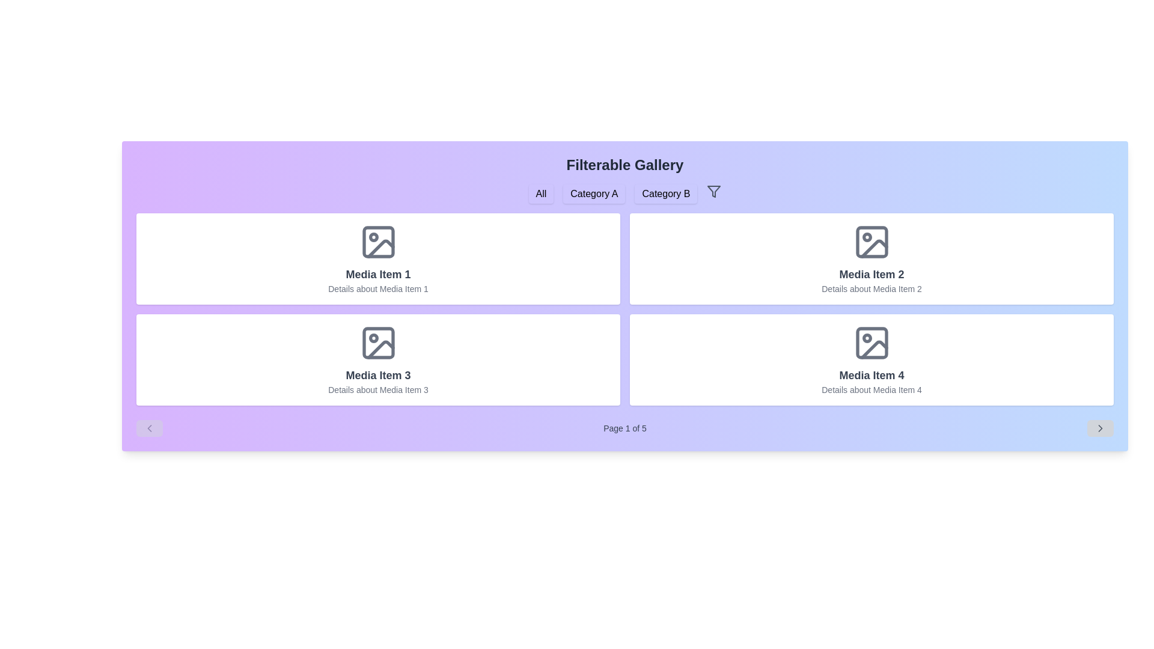 This screenshot has height=649, width=1154. Describe the element at coordinates (377, 274) in the screenshot. I see `the text label 'Media Item 1', which serves as the title of the top-left media card in the grid` at that location.